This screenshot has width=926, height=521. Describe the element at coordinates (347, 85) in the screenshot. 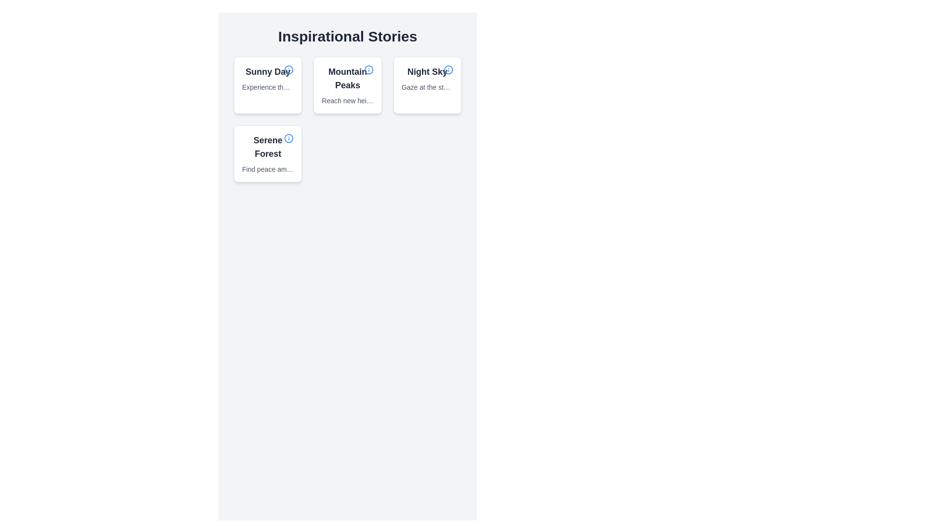

I see `the 'Mountain Peaks' card` at that location.